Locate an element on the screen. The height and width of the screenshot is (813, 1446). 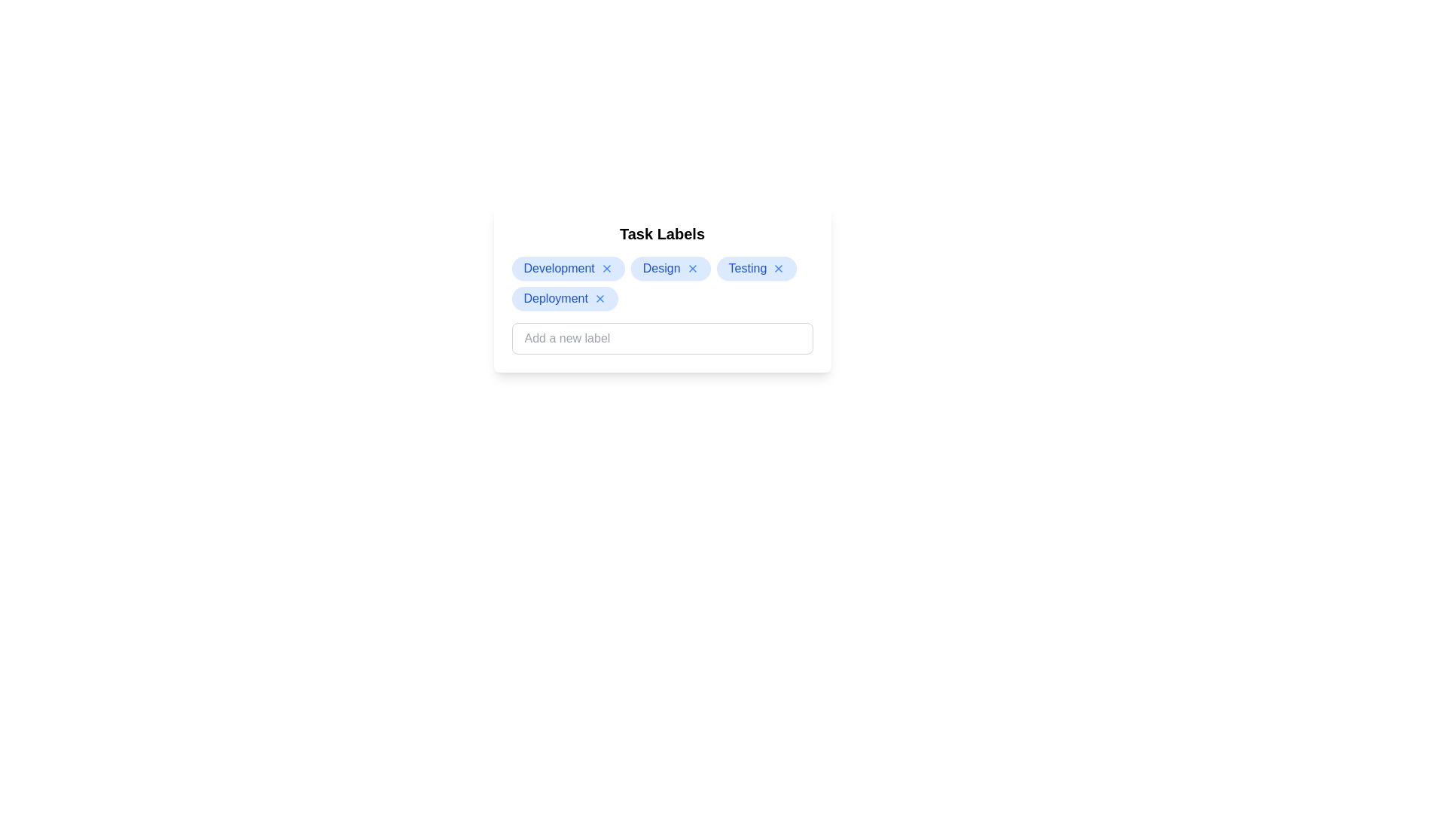
the 'Deployment' tag with a close button, which has a light blue background and dark blue text, located below the 'Development,' 'Design,' and 'Testing' labels is located at coordinates (564, 299).